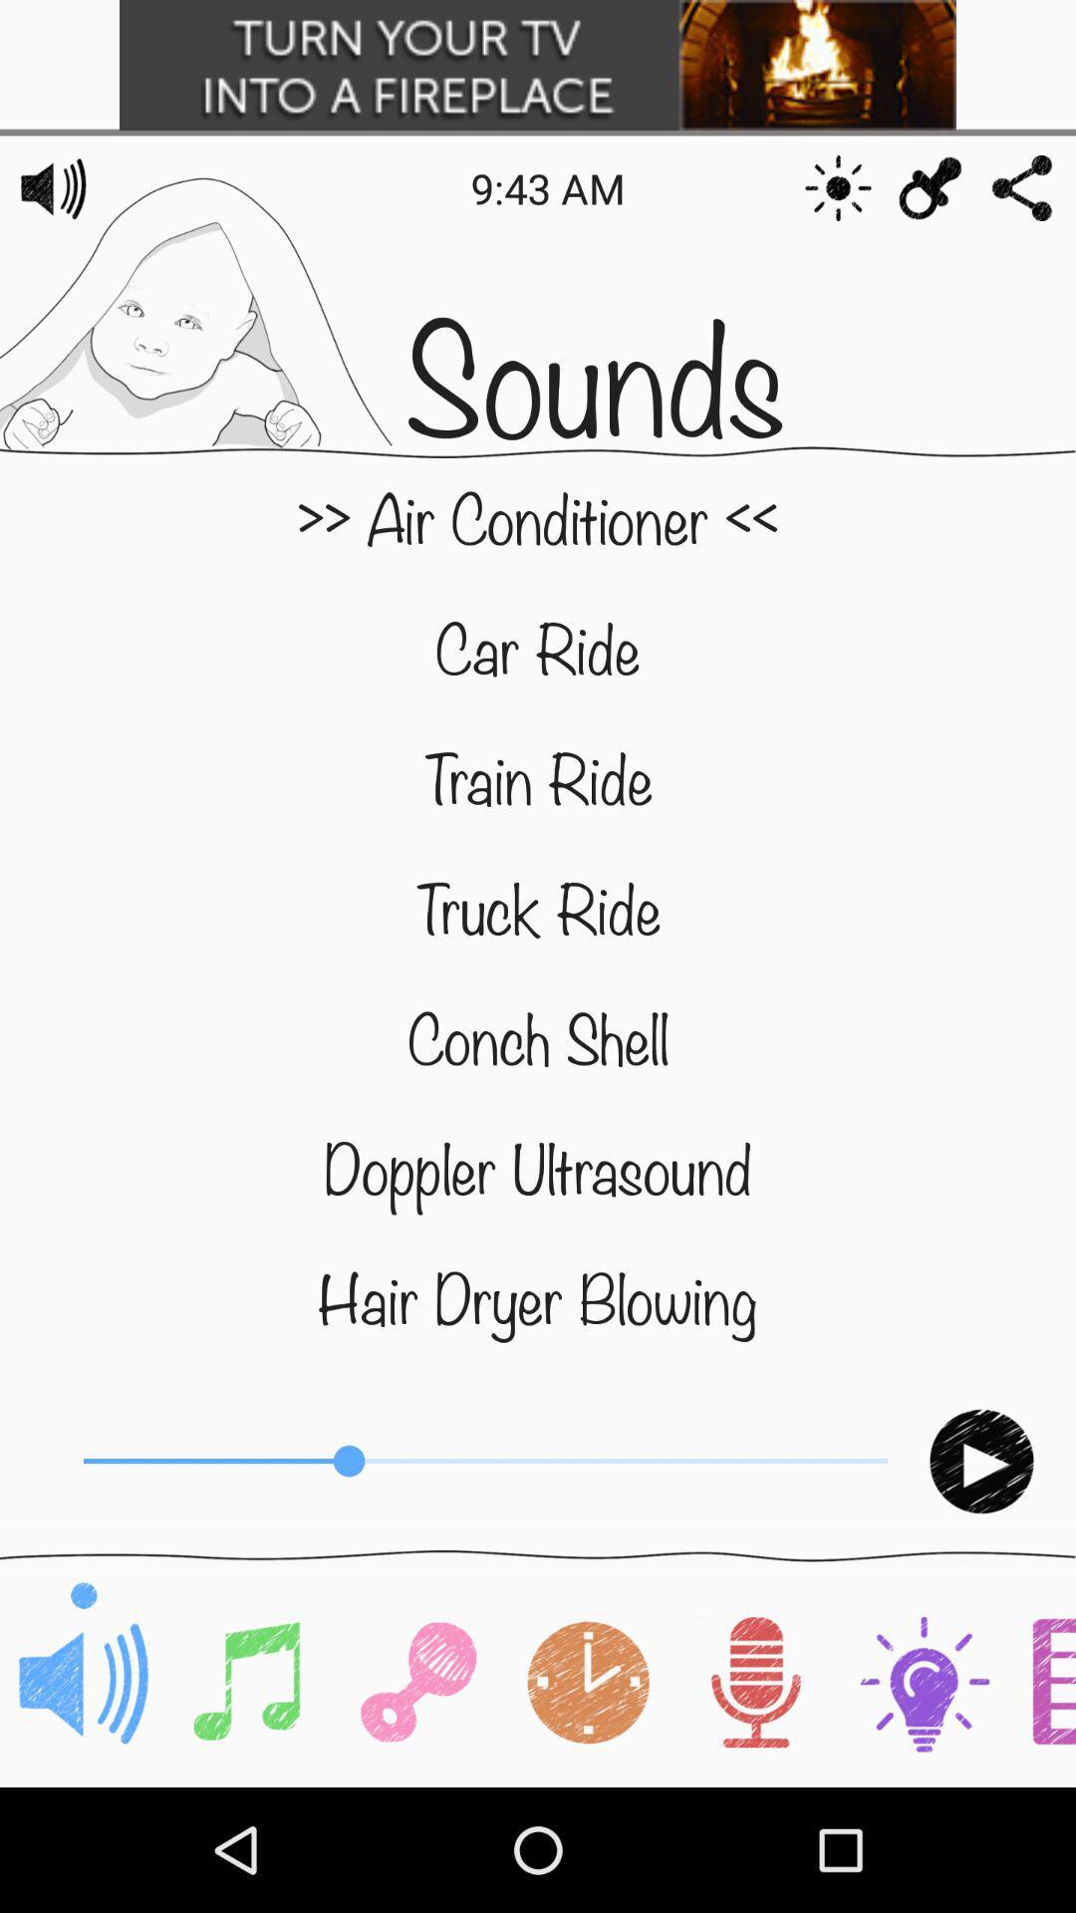  I want to click on the volume icon, so click(53, 187).